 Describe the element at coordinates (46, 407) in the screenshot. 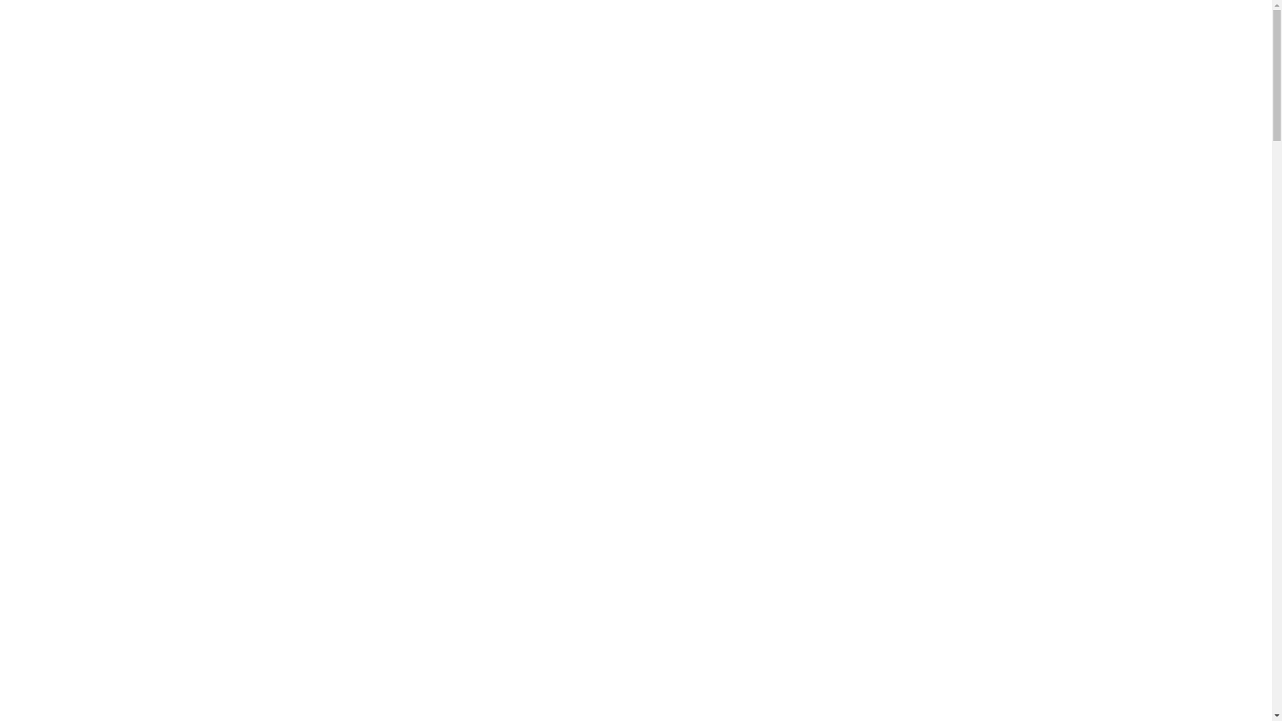

I see `'Home'` at that location.